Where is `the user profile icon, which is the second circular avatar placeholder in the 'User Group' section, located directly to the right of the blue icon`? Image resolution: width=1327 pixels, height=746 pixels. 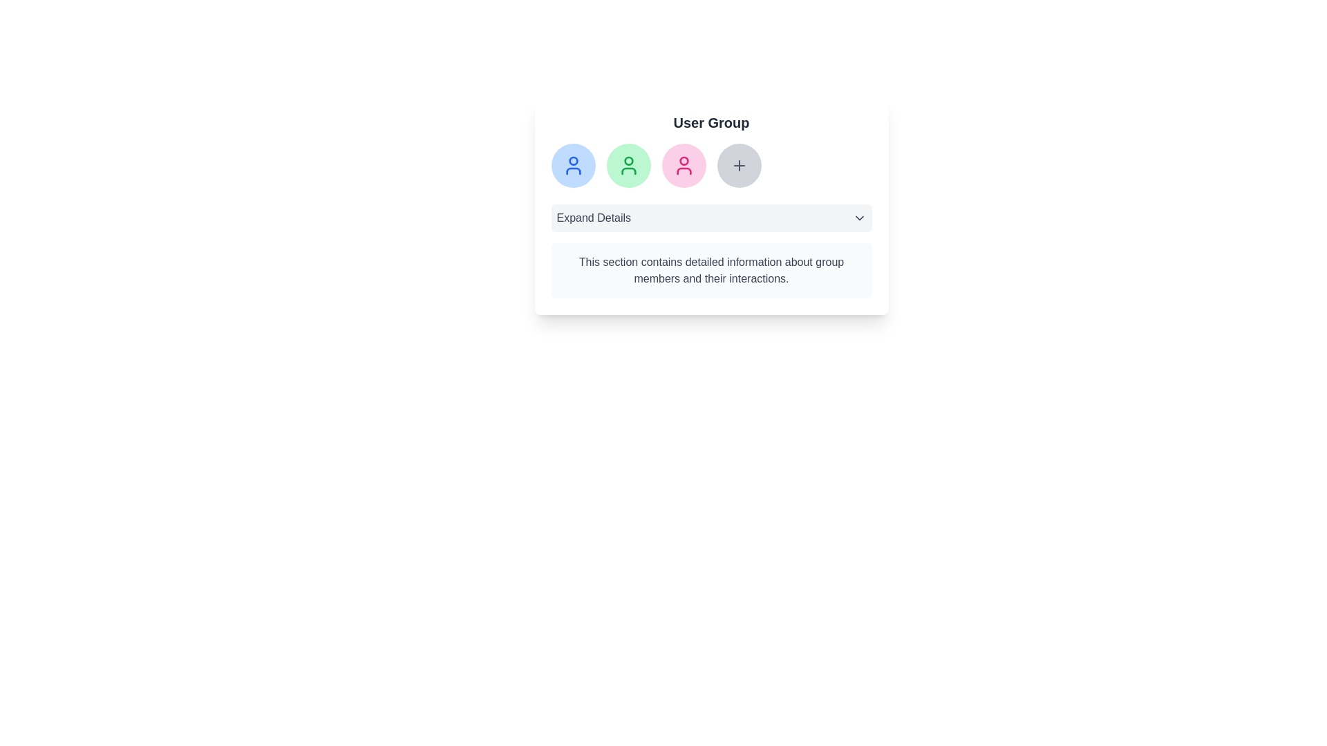
the user profile icon, which is the second circular avatar placeholder in the 'User Group' section, located directly to the right of the blue icon is located at coordinates (628, 160).